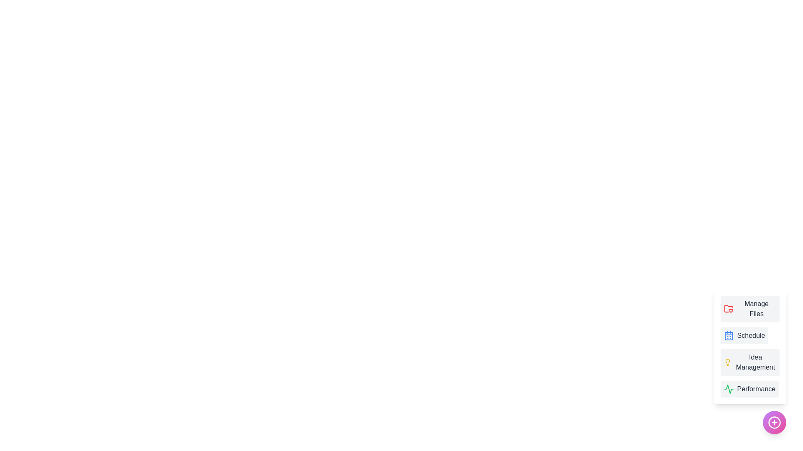 Image resolution: width=803 pixels, height=451 pixels. What do you see at coordinates (750, 309) in the screenshot?
I see `the 'Manage Files' button to select it` at bounding box center [750, 309].